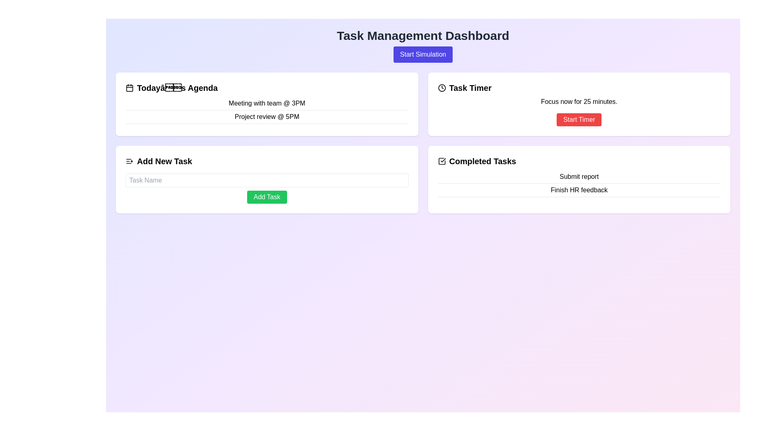 The width and height of the screenshot is (783, 440). What do you see at coordinates (267, 117) in the screenshot?
I see `the static text element informing the user of a scheduled project review at 5PM, located as the second item under the 'Today's Agenda' panel` at bounding box center [267, 117].